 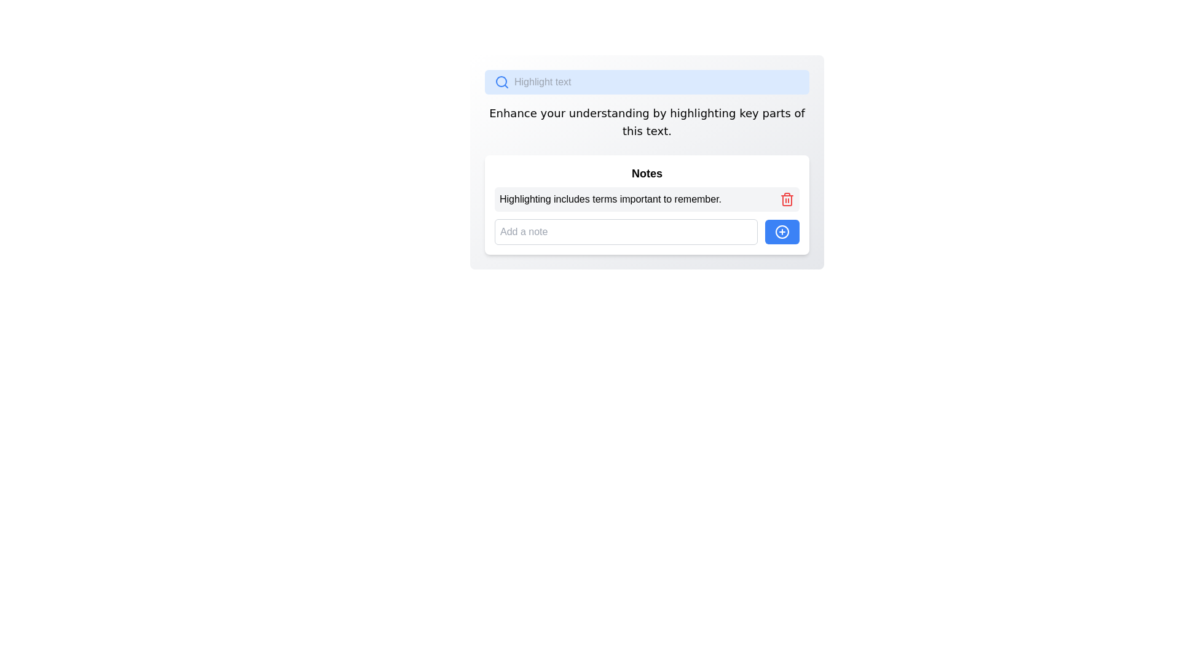 I want to click on the lowercase letter 't' in the phrase 'Enhance your understanding by highlighting key parts of this text.', so click(x=609, y=113).